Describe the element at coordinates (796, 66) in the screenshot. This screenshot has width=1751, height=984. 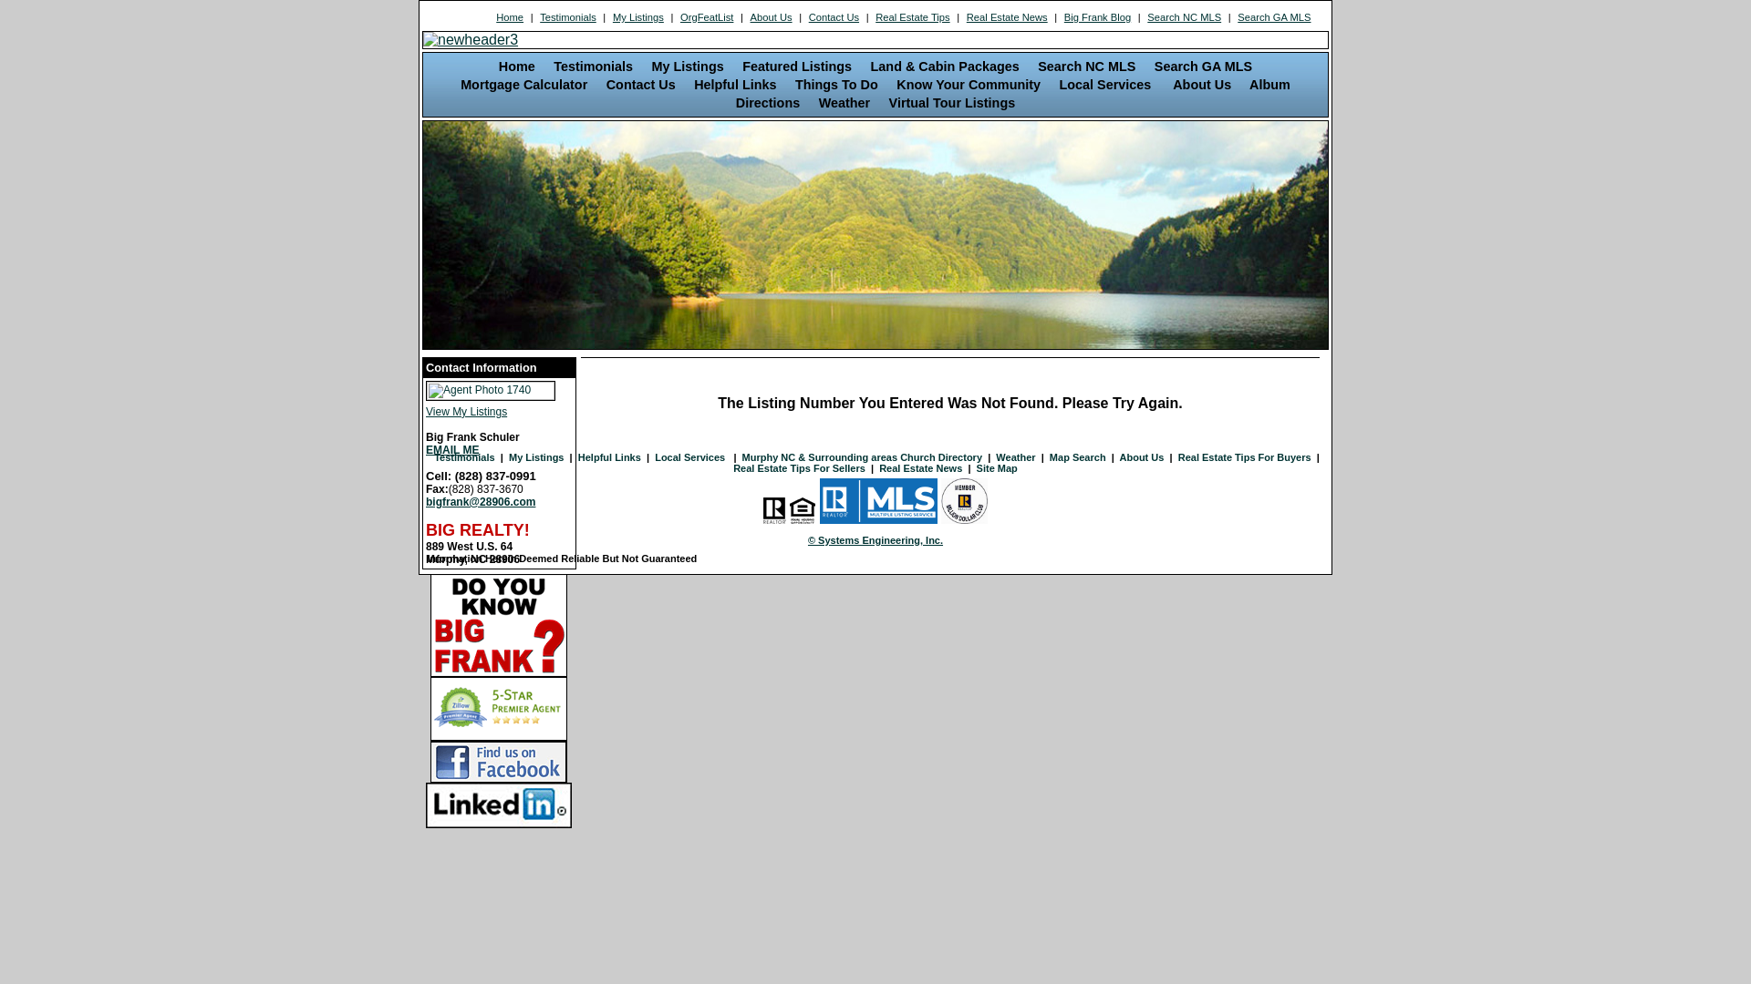
I see `'Featured Listings'` at that location.